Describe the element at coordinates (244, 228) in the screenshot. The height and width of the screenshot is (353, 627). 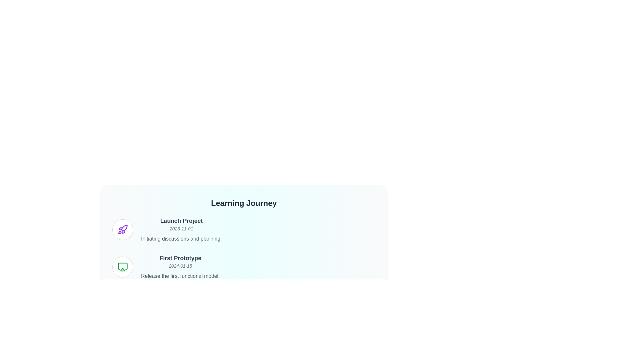
I see `information presented in the centrally positioned Information display panel of the Learning Journey timeline, located towards the lower portion of the viewport` at that location.